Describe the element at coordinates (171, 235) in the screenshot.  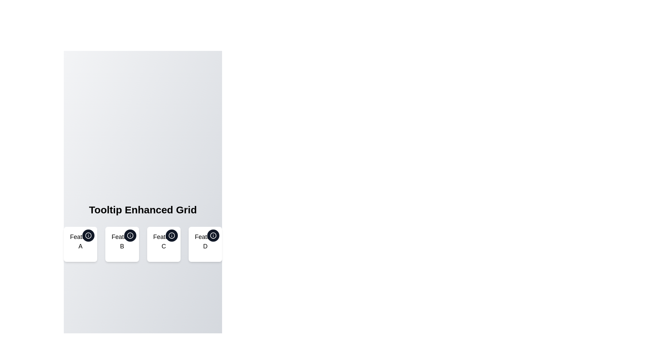
I see `the information icon within the 'Feat C' button for accessibility navigation` at that location.